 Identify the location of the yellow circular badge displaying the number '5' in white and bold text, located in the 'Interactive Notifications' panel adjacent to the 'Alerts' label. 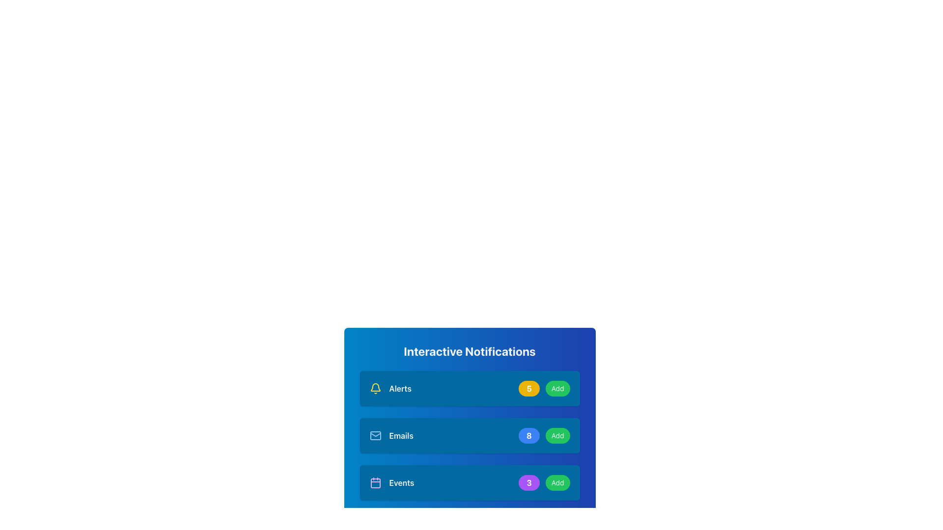
(528, 388).